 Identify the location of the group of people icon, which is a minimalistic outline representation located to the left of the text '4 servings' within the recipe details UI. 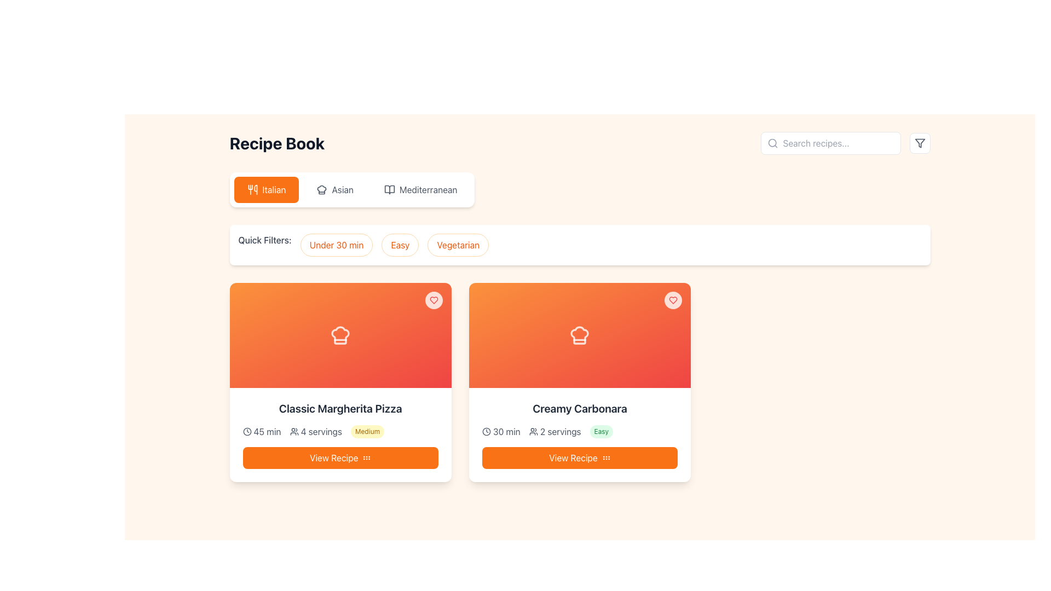
(294, 431).